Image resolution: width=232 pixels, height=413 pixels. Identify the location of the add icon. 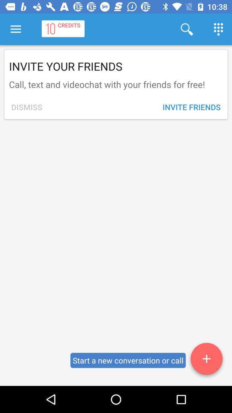
(206, 360).